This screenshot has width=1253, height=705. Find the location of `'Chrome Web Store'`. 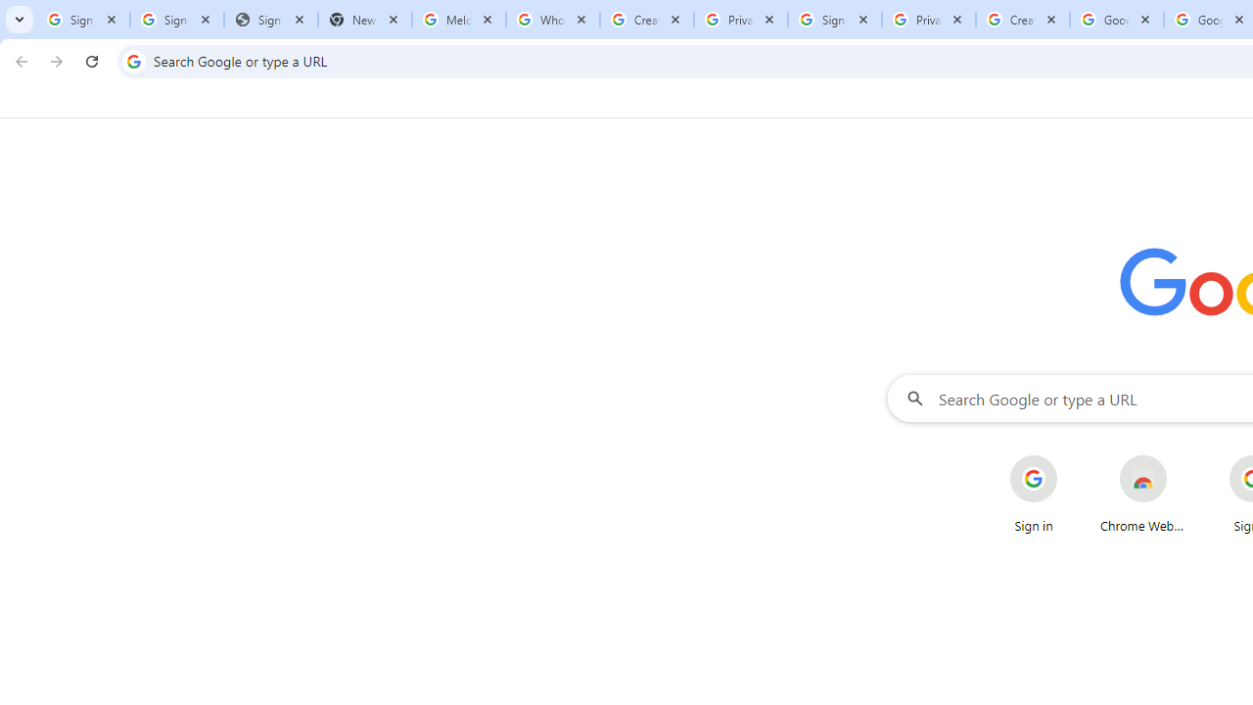

'Chrome Web Store' is located at coordinates (1143, 493).